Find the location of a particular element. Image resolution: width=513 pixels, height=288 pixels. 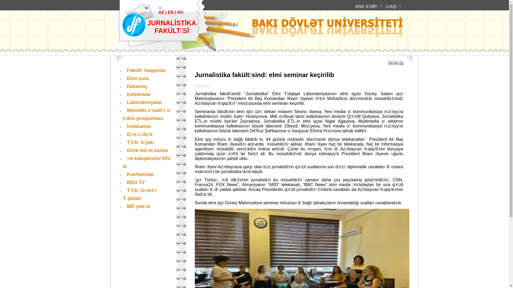

'Laboratoriyalar' is located at coordinates (142, 102).